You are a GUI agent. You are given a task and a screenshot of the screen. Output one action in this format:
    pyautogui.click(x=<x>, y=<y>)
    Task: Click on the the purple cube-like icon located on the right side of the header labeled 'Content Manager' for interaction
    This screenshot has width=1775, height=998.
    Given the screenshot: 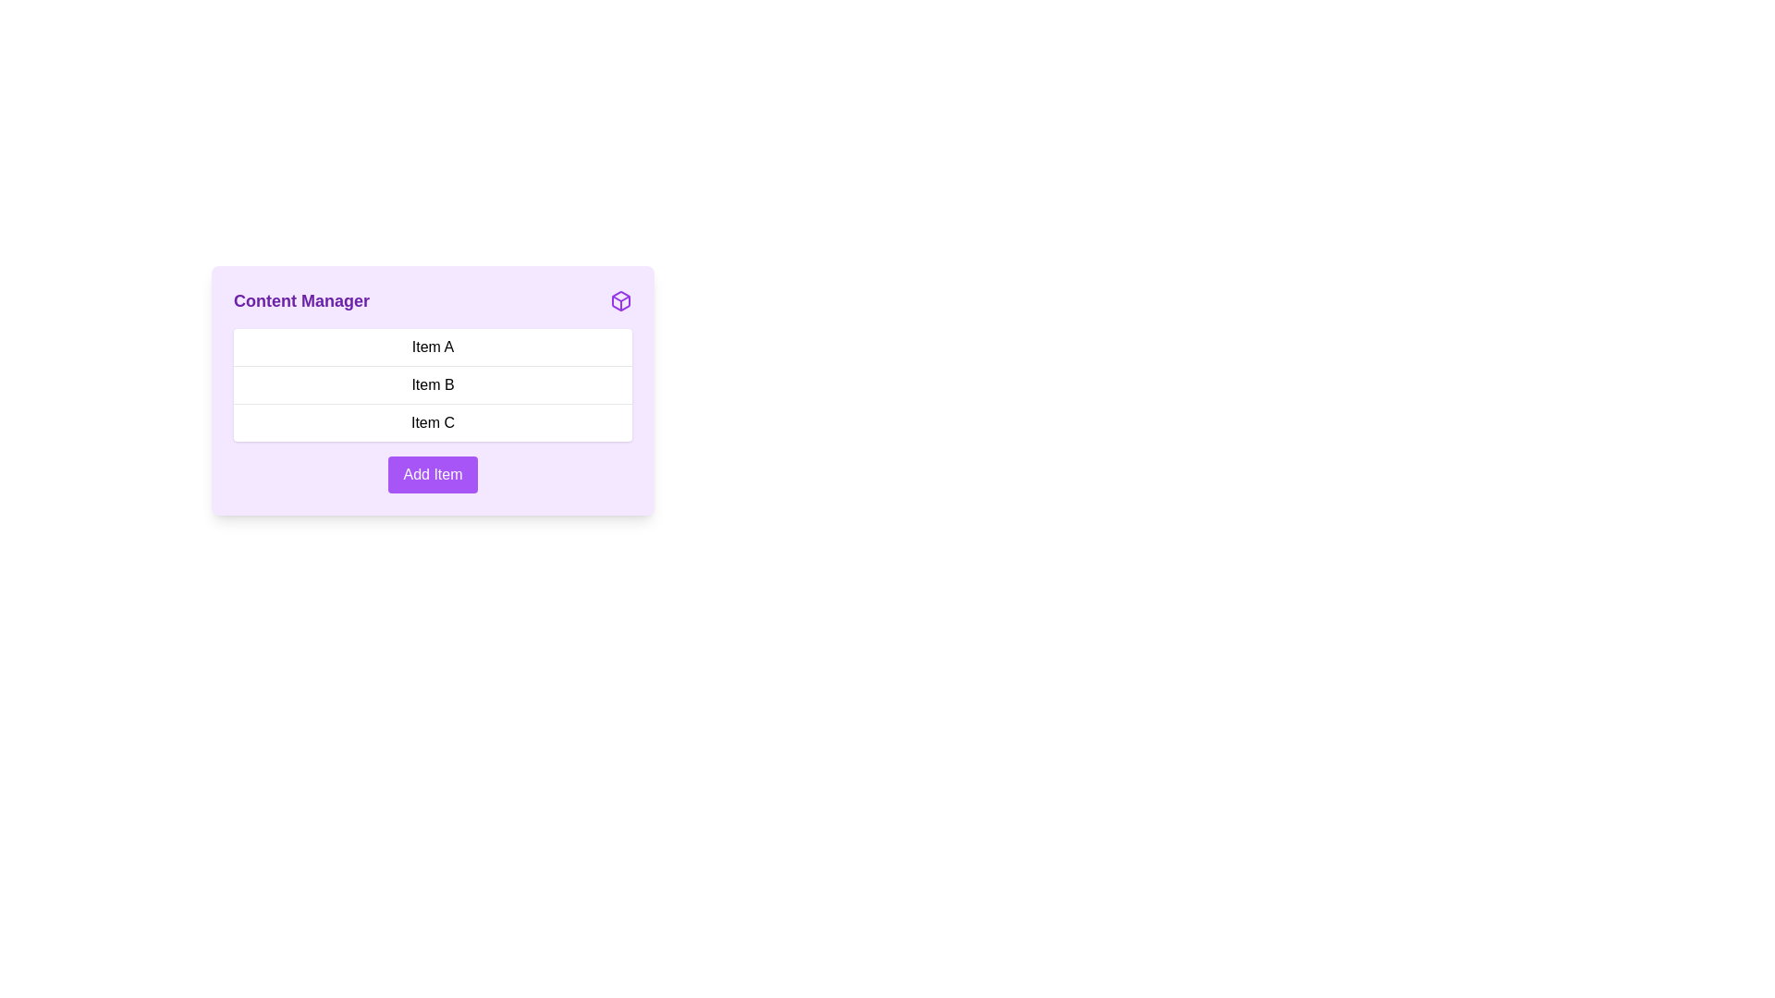 What is the action you would take?
    pyautogui.click(x=621, y=300)
    